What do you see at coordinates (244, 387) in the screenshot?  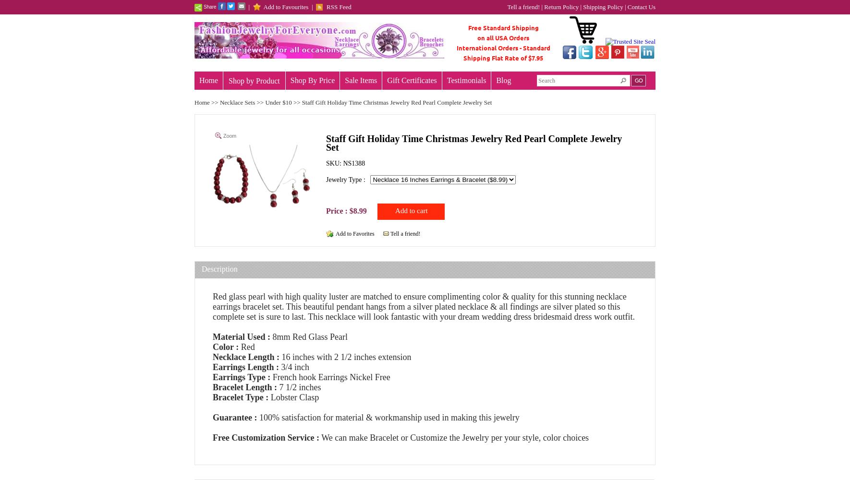 I see `'Bracelet Length :'` at bounding box center [244, 387].